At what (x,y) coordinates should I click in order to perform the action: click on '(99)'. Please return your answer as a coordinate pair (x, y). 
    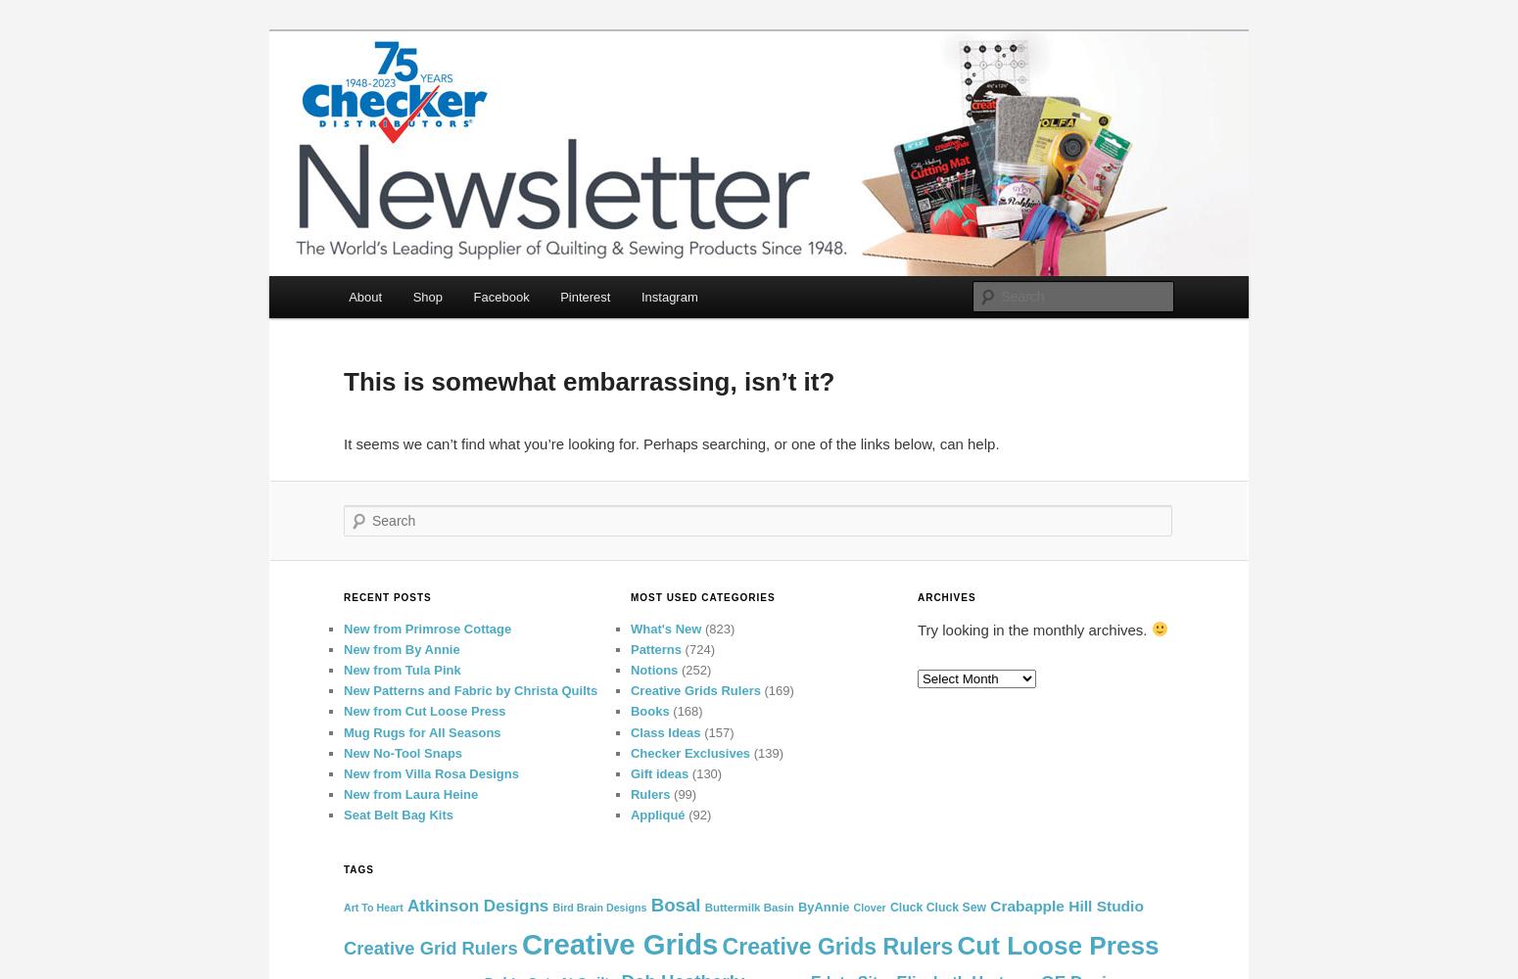
    Looking at the image, I should click on (682, 793).